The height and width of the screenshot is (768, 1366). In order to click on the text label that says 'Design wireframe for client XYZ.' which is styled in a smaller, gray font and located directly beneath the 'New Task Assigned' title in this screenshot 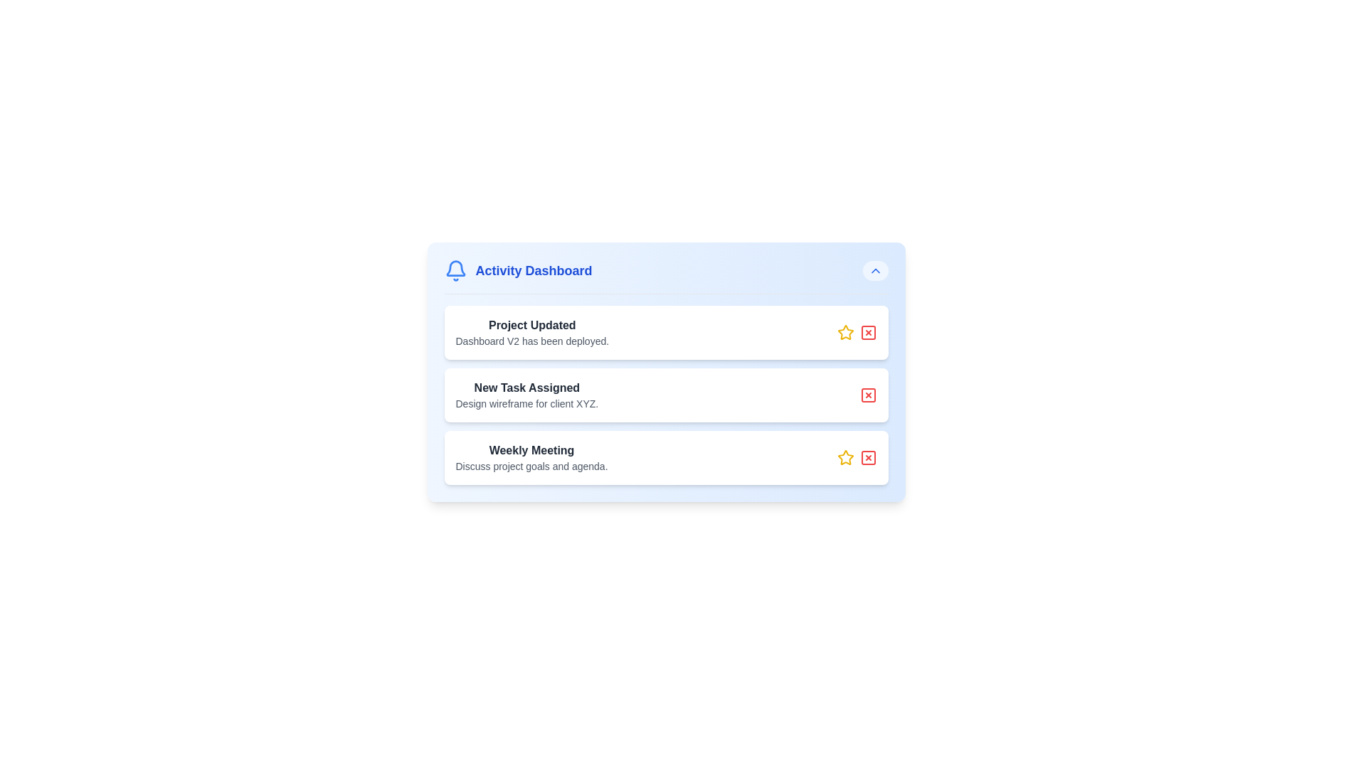, I will do `click(526, 403)`.